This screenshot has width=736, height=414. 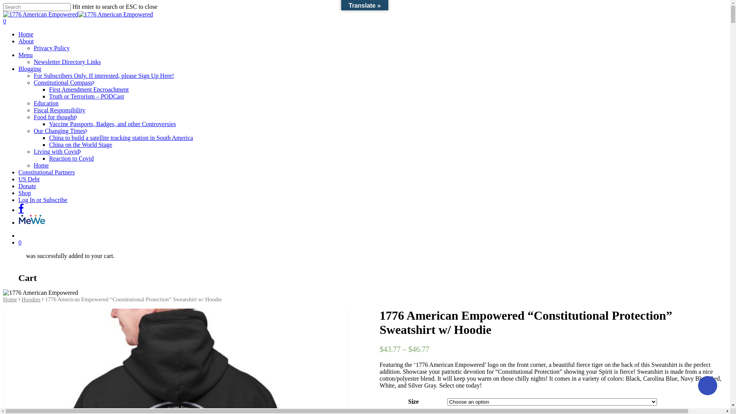 I want to click on 'Blogging', so click(x=30, y=68).